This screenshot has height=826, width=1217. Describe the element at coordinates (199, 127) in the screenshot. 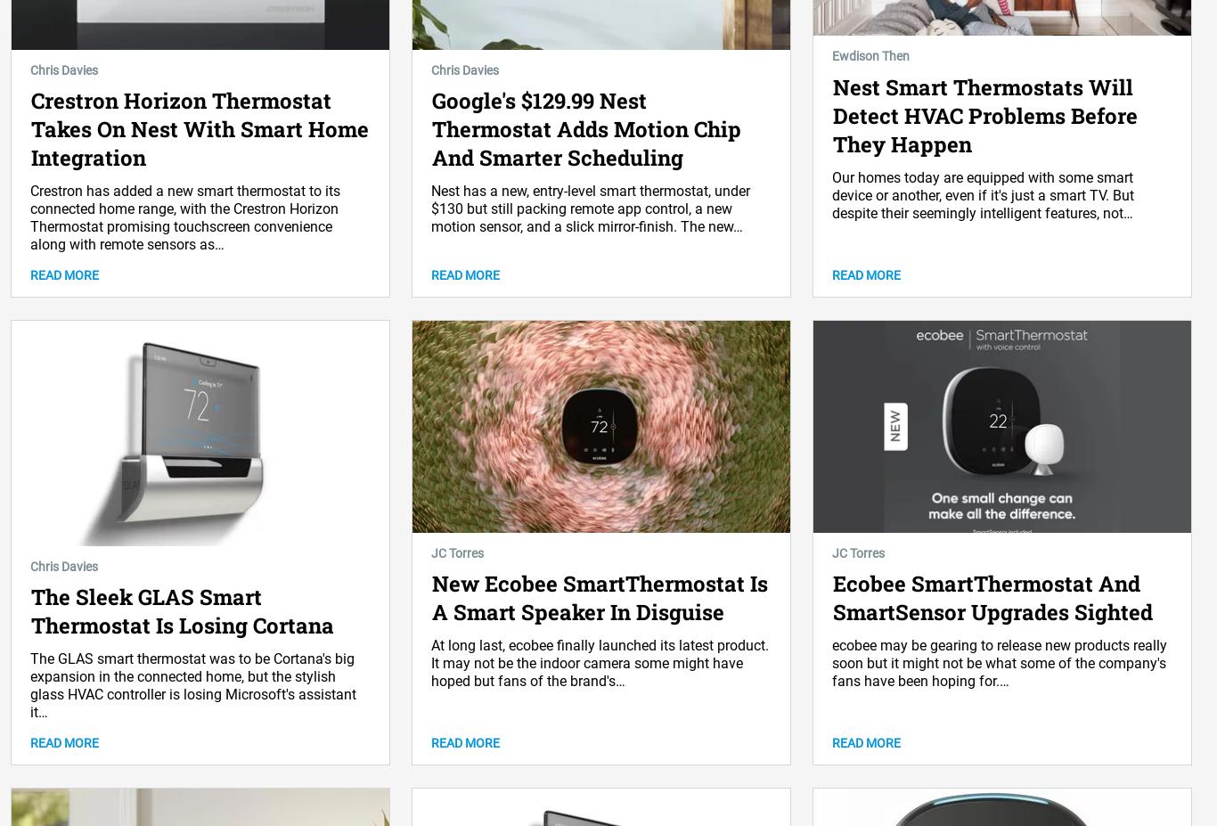

I see `'Crestron Horizon Thermostat Takes On Nest With Smart Home Integration'` at that location.